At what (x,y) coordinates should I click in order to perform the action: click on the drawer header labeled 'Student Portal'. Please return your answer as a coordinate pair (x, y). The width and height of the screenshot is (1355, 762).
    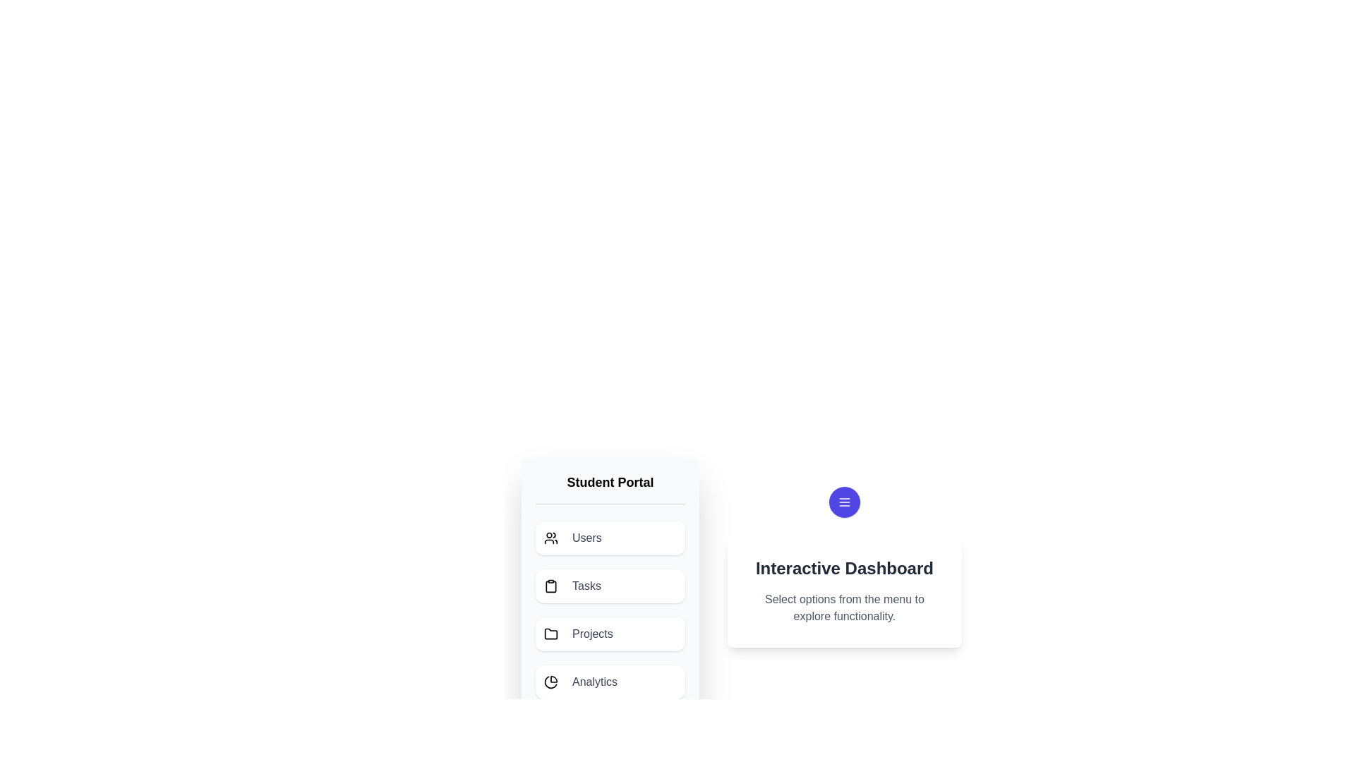
    Looking at the image, I should click on (610, 488).